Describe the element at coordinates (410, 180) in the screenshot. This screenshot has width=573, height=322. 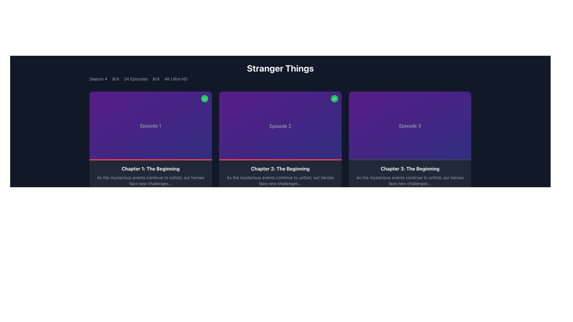
I see `static text component displaying the narrative snippet: 'As the mysterious events continue to unfold, our heroes face new challenges...' located below the heading 'Chapter 3: The Beginning'` at that location.